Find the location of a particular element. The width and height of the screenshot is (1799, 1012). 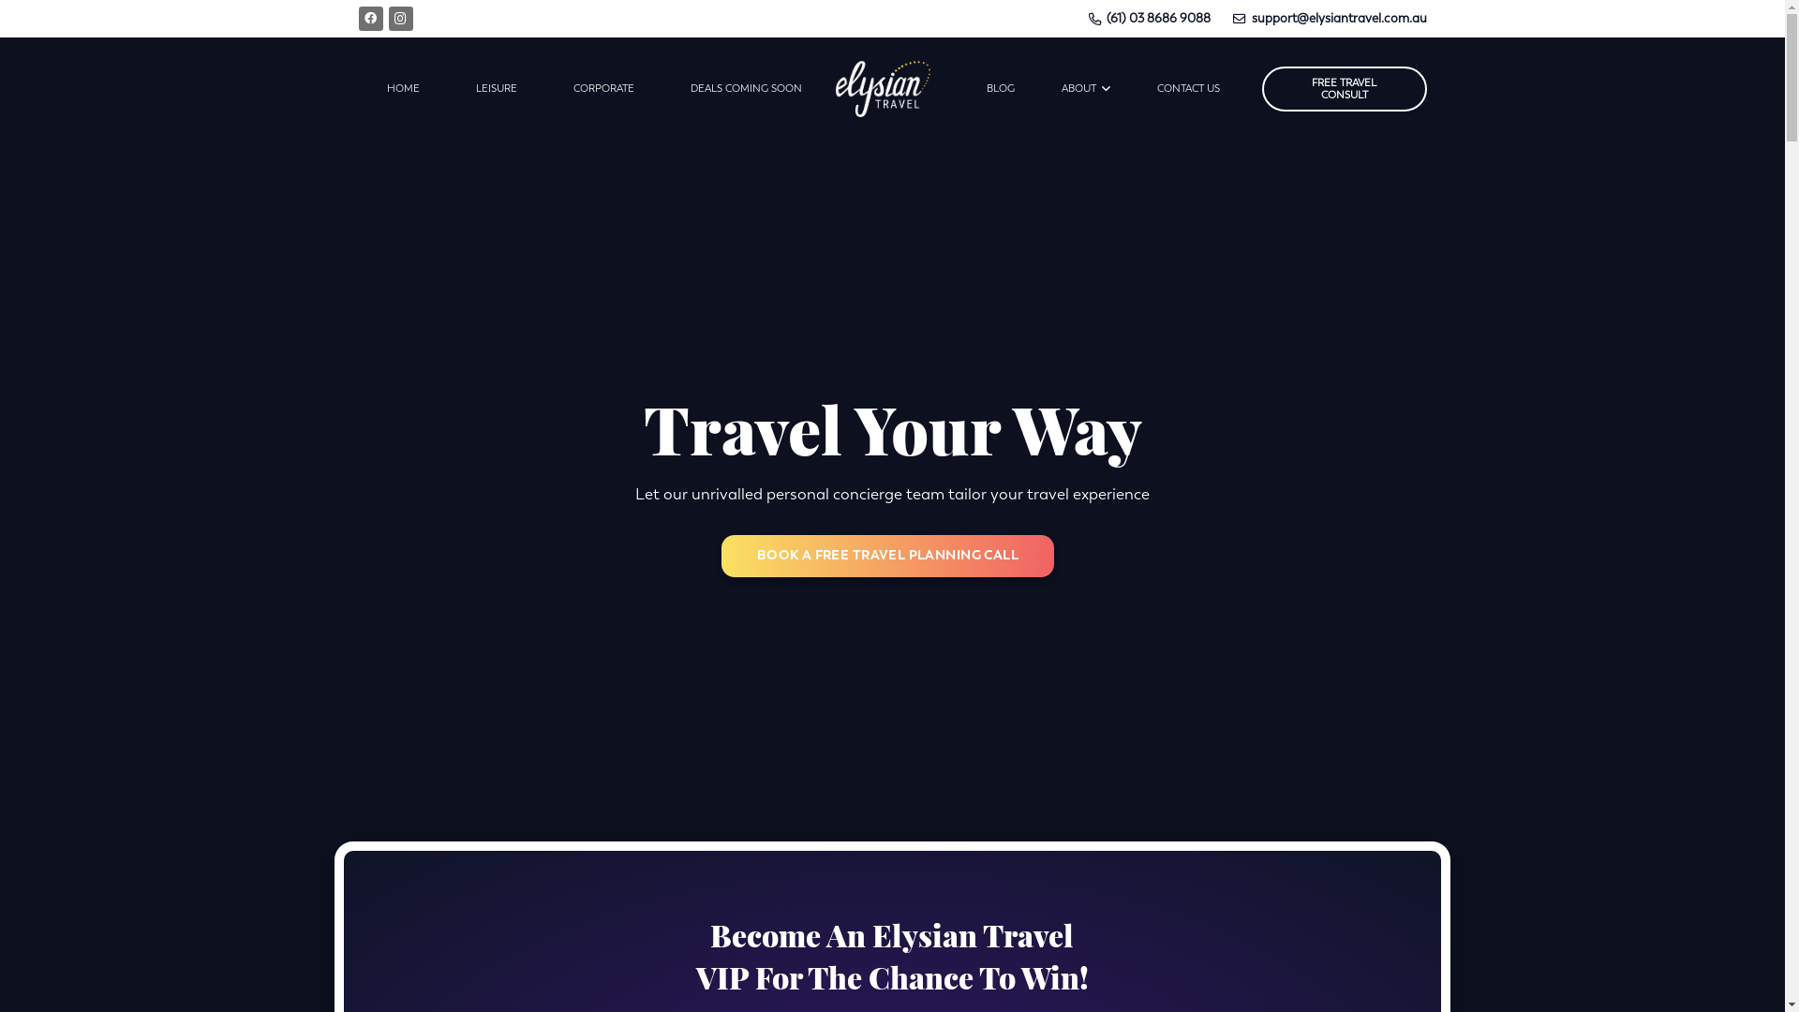

'FREE TRAVEL CONSULT' is located at coordinates (1344, 89).